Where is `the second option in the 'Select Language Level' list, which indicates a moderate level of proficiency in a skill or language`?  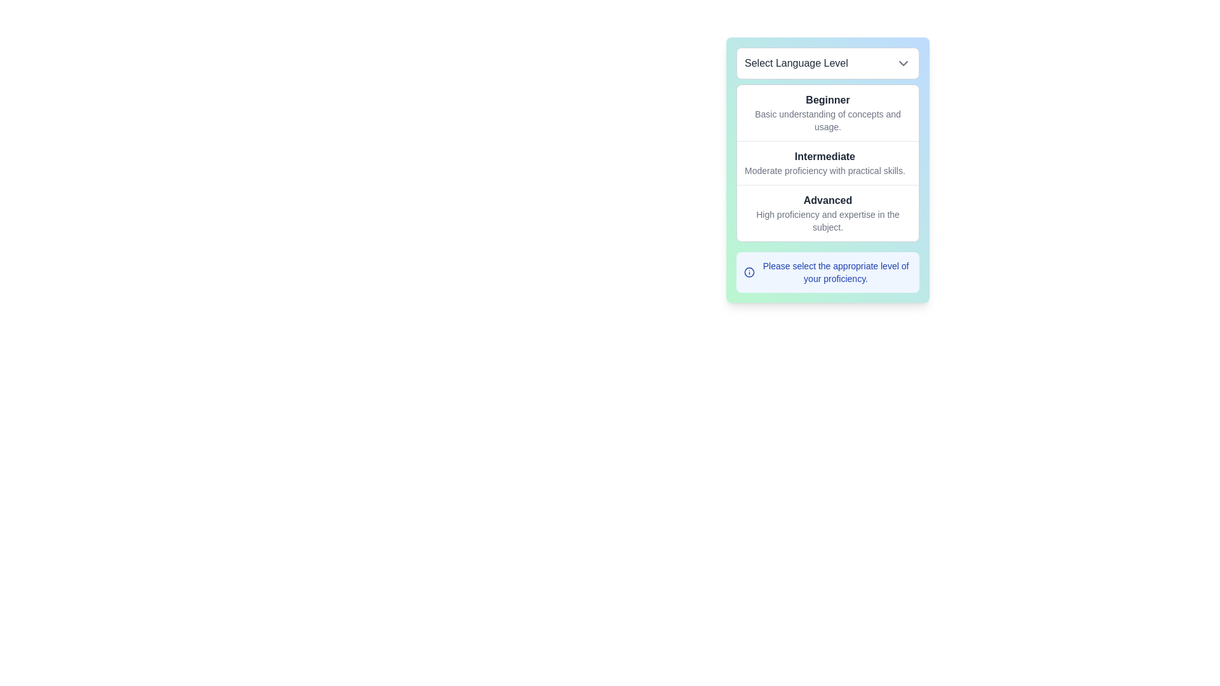 the second option in the 'Select Language Level' list, which indicates a moderate level of proficiency in a skill or language is located at coordinates (825, 163).